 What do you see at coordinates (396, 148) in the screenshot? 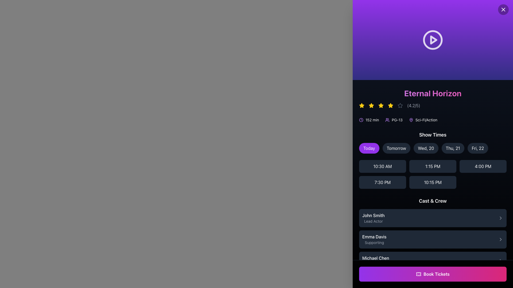
I see `the 'Tomorrow' button, which is the second button from the left in the 'Show Times' section of the interface` at bounding box center [396, 148].